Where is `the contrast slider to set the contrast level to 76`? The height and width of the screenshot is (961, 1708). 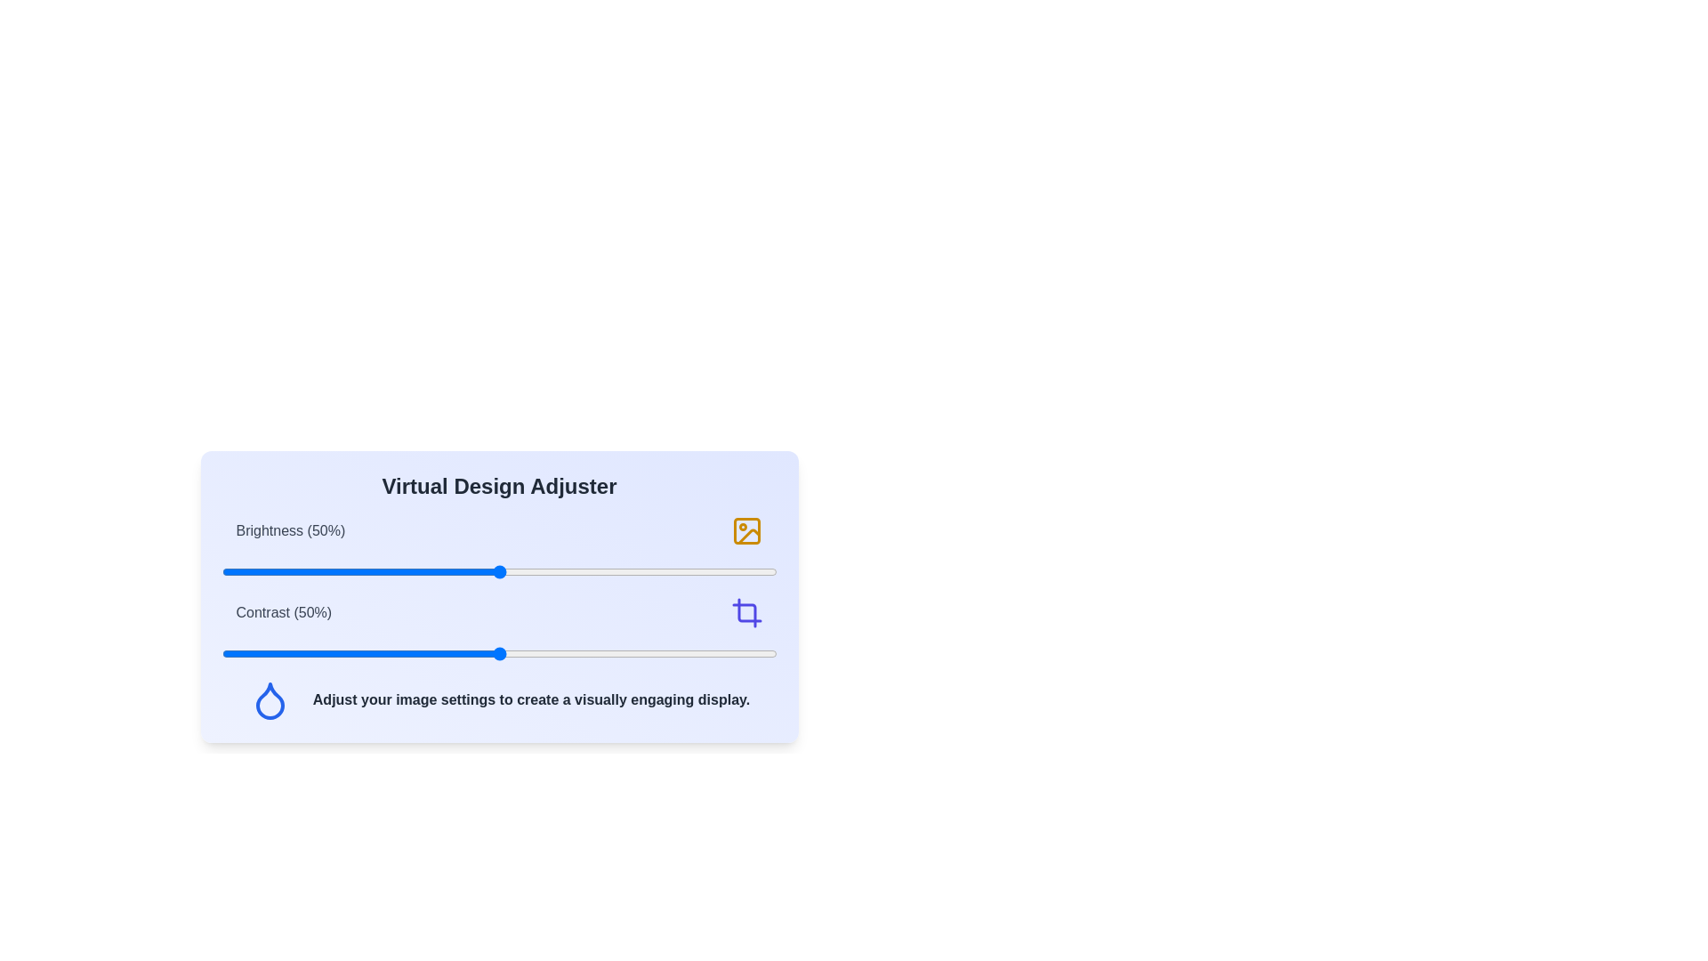 the contrast slider to set the contrast level to 76 is located at coordinates (642, 654).